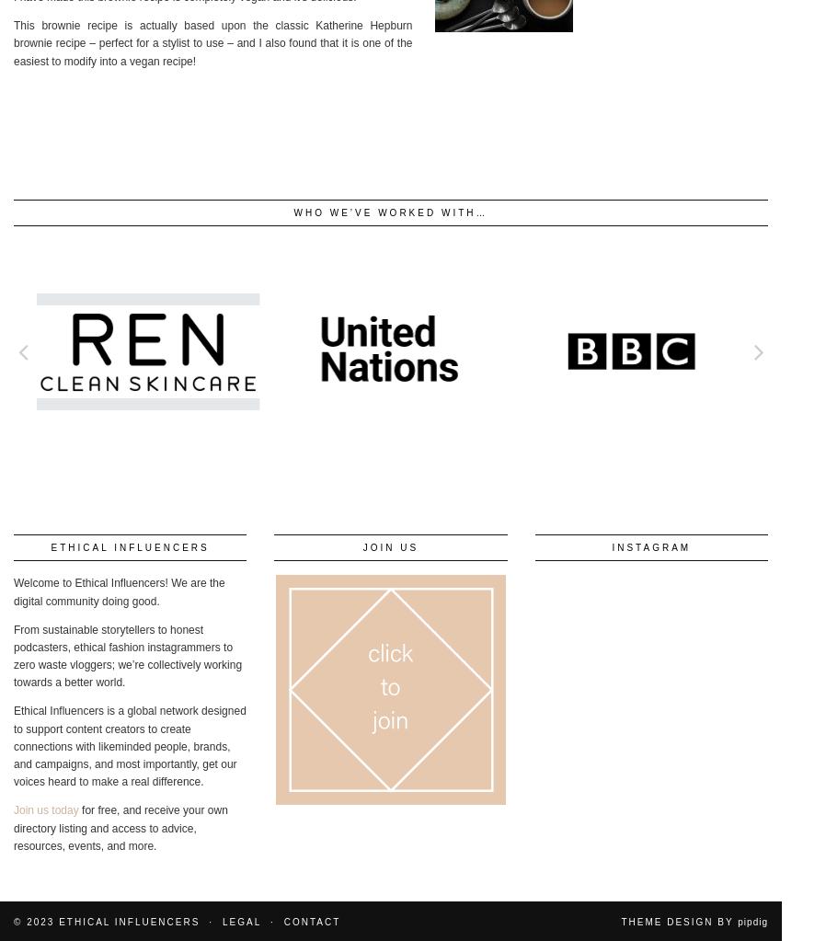 Image resolution: width=826 pixels, height=941 pixels. What do you see at coordinates (293, 211) in the screenshot?
I see `'Who We’ve Worked With…'` at bounding box center [293, 211].